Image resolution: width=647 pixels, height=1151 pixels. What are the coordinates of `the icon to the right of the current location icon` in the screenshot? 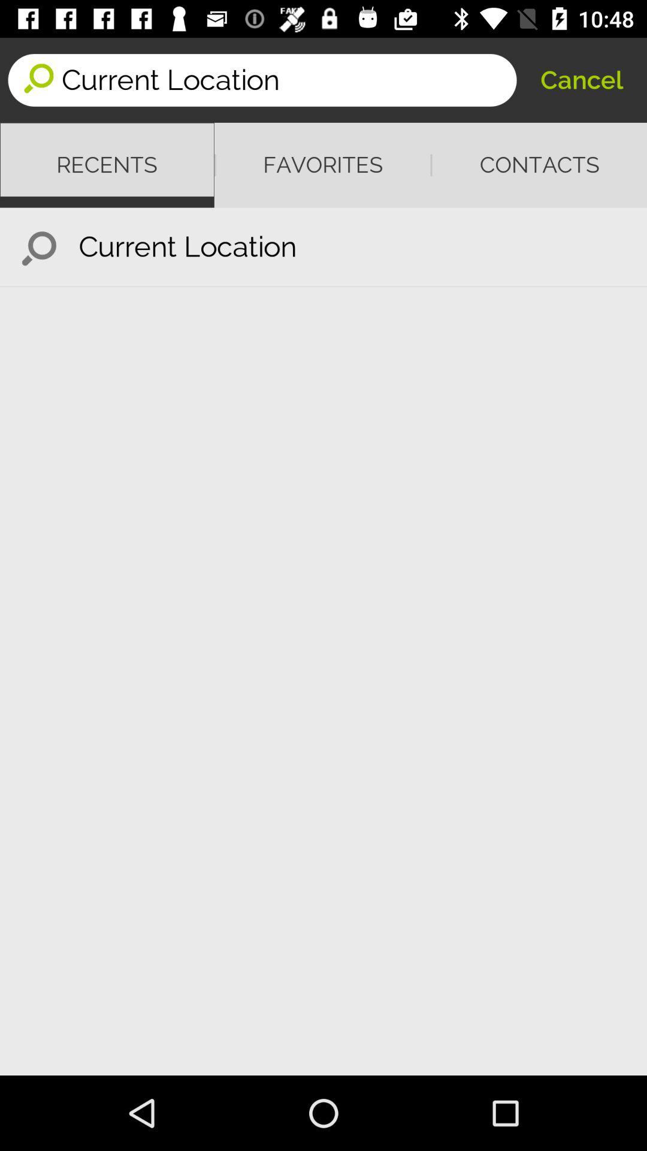 It's located at (581, 79).